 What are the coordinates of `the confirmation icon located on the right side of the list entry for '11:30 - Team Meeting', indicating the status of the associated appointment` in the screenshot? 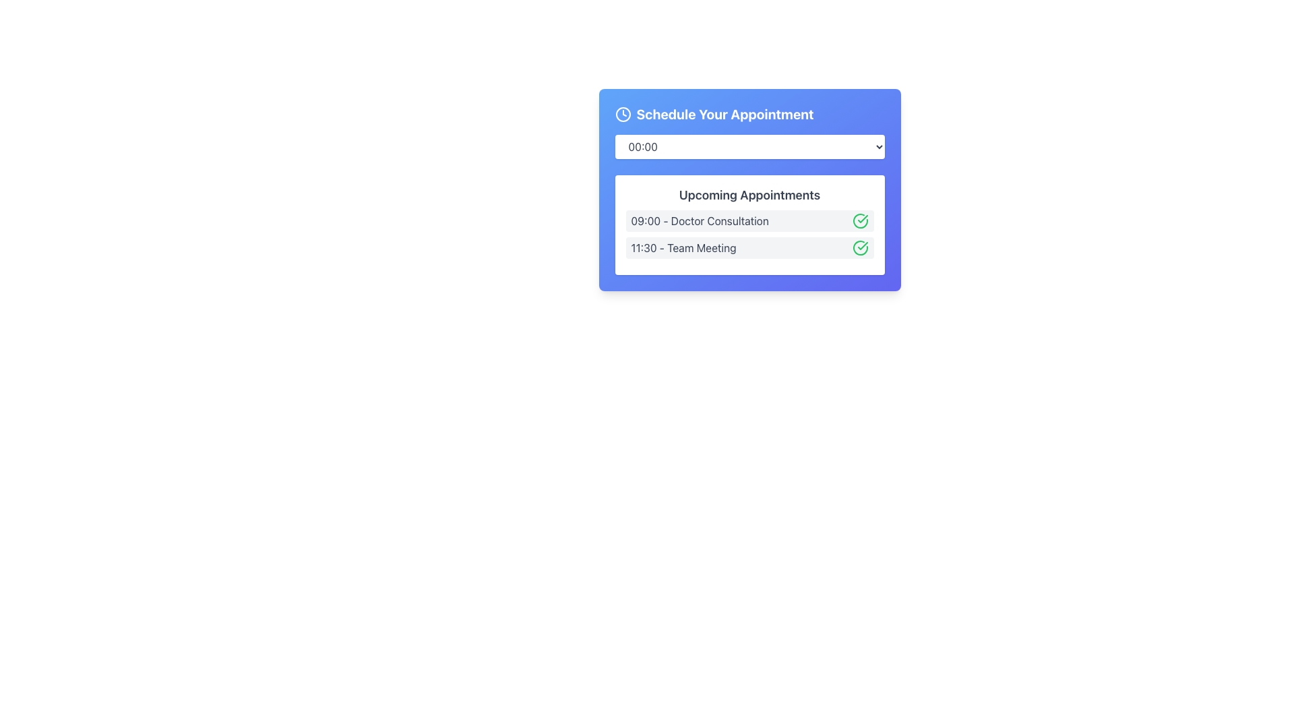 It's located at (859, 247).